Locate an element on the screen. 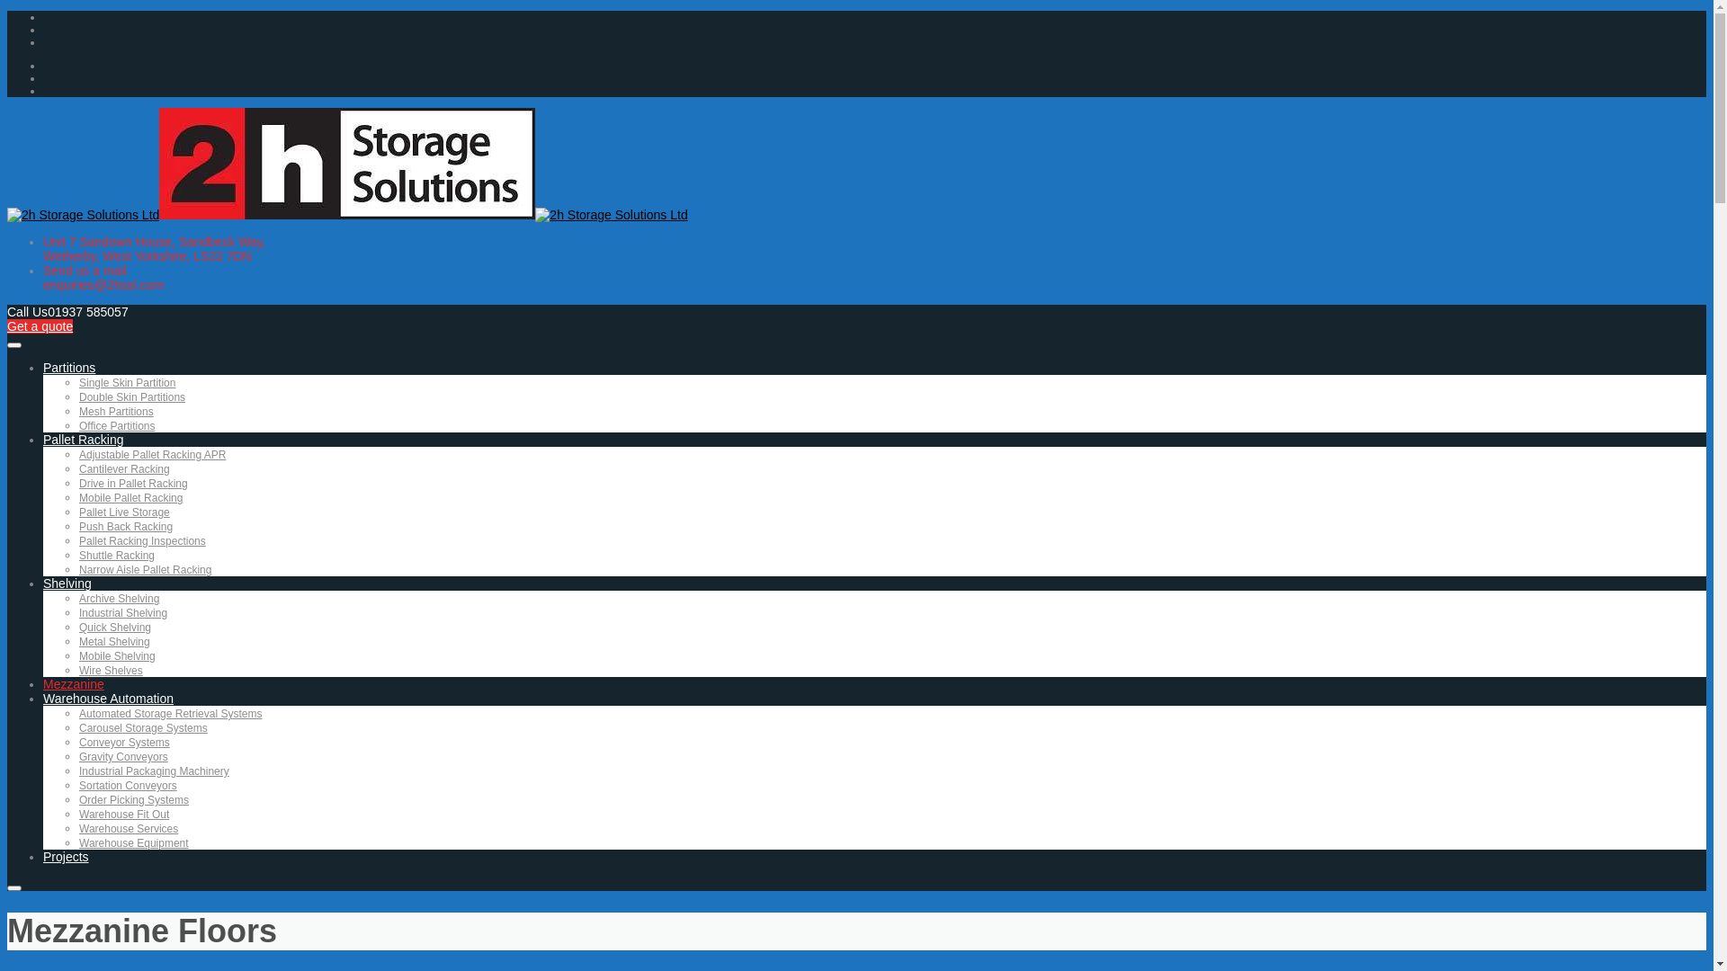 The height and width of the screenshot is (971, 1727). 'Pallet Live Storage' is located at coordinates (123, 512).